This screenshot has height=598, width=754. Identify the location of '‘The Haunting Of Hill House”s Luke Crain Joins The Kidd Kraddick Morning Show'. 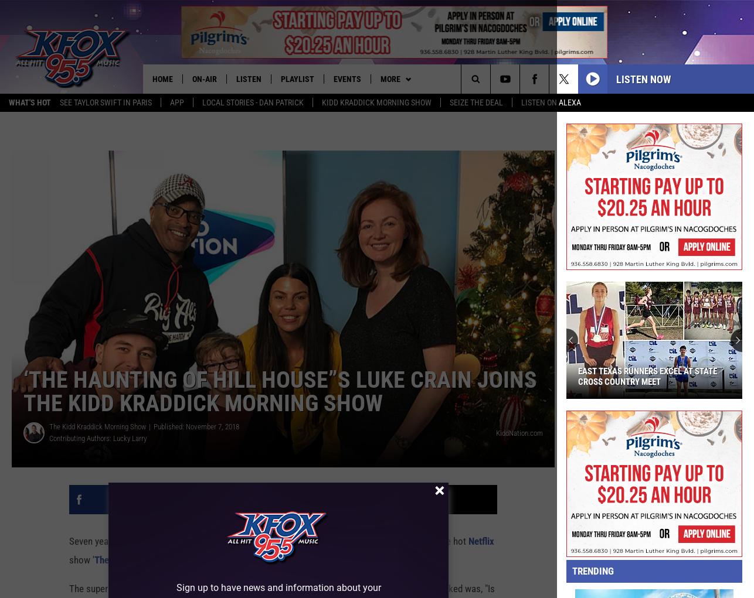
(280, 392).